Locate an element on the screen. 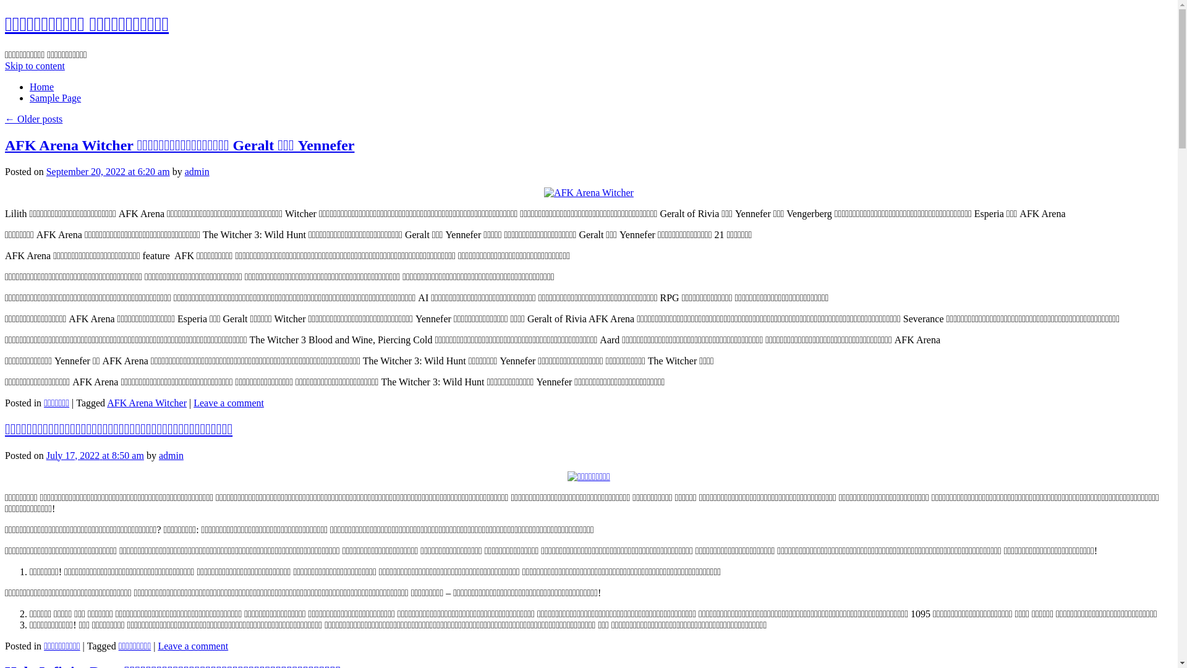 The image size is (1187, 668). 'Sample Page' is located at coordinates (54, 97).